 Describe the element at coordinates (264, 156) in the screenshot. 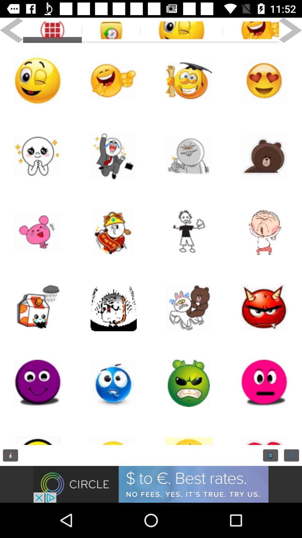

I see `bear emoji` at that location.